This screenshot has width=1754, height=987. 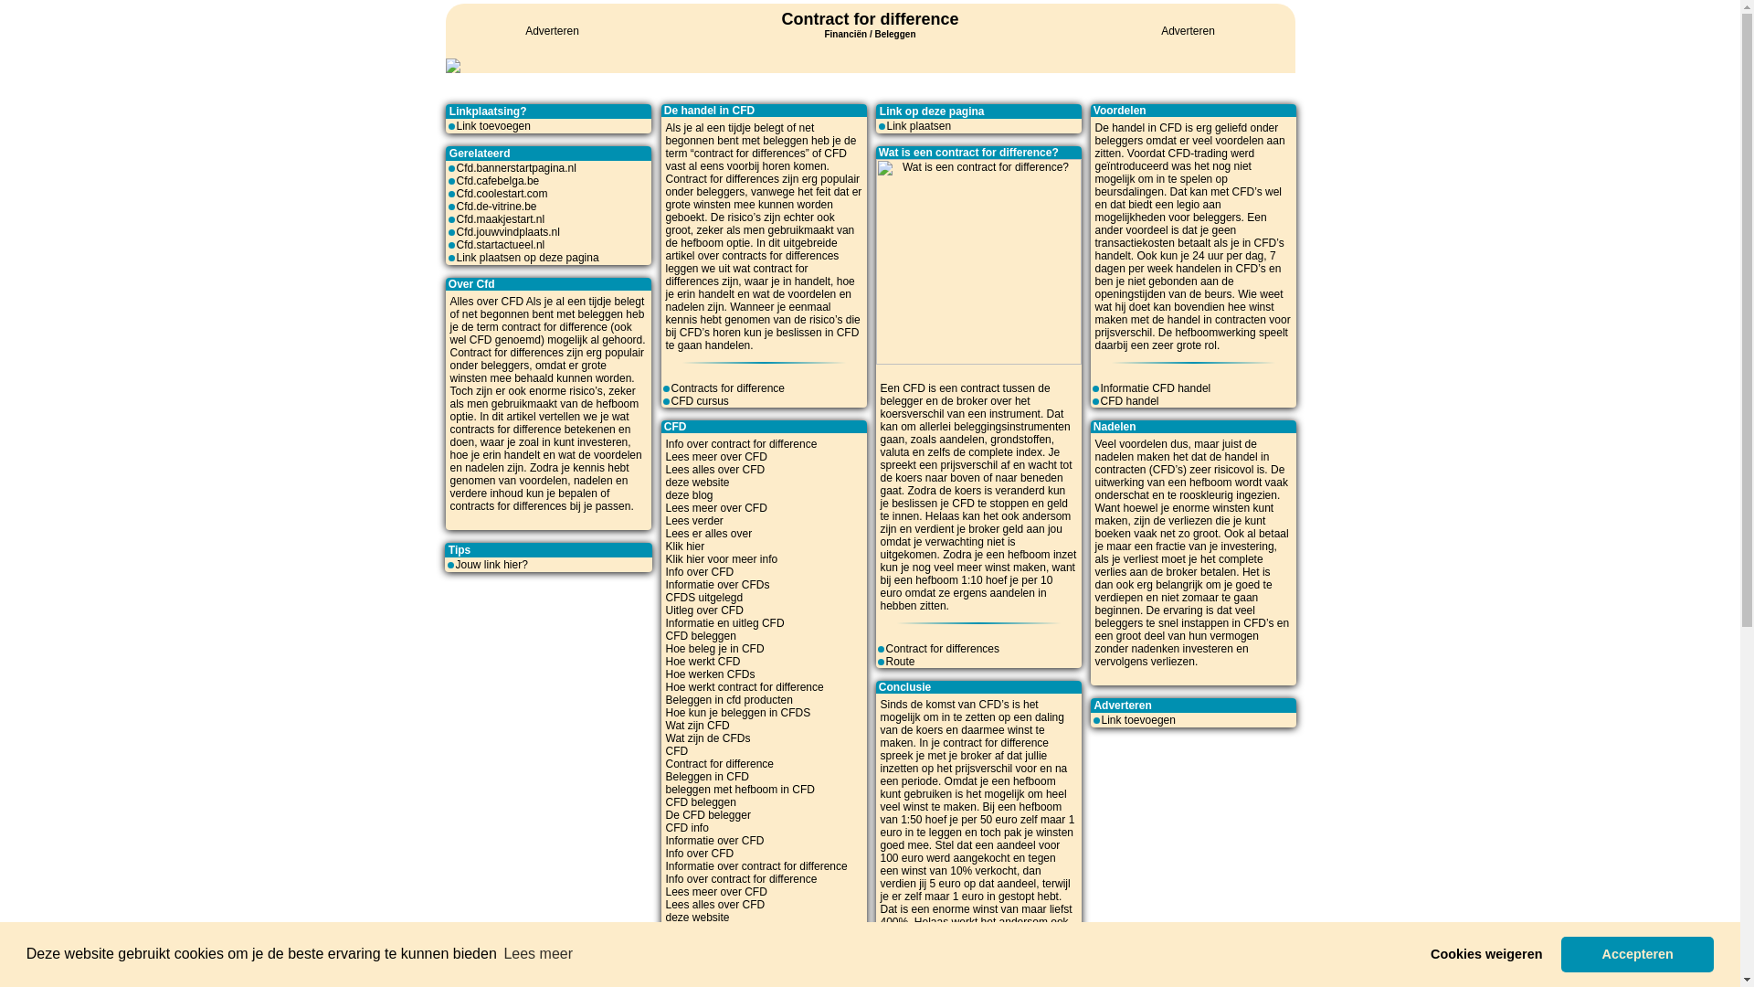 What do you see at coordinates (1154, 387) in the screenshot?
I see `'Informatie CFD handel'` at bounding box center [1154, 387].